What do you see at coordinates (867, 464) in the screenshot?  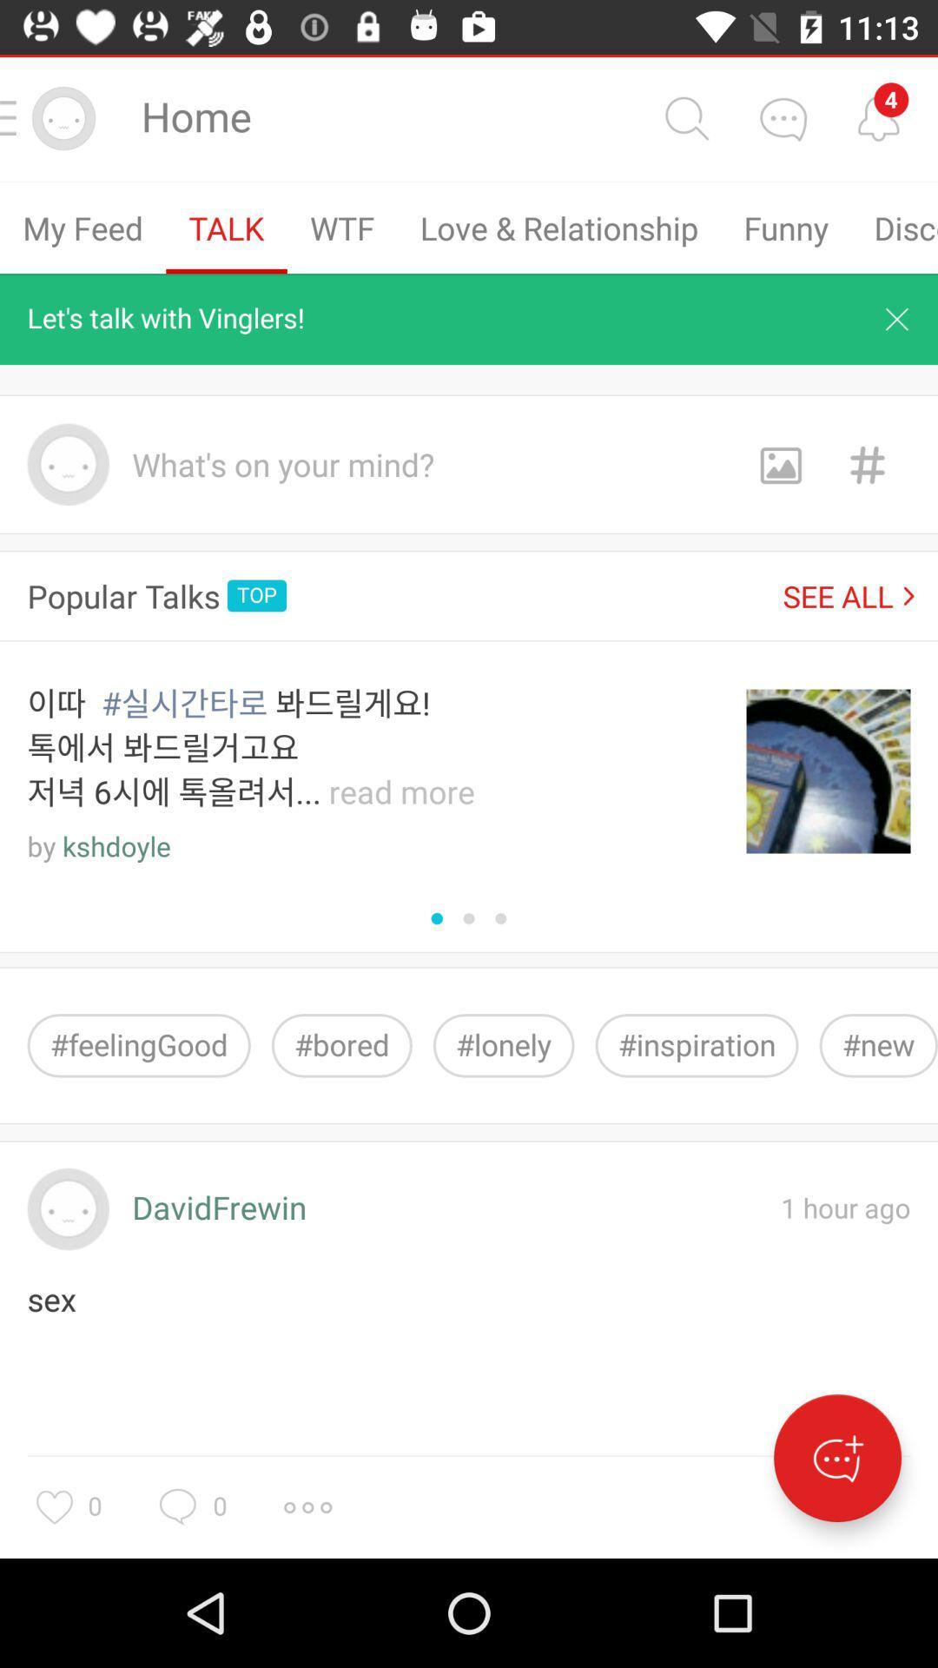 I see `hashtag` at bounding box center [867, 464].